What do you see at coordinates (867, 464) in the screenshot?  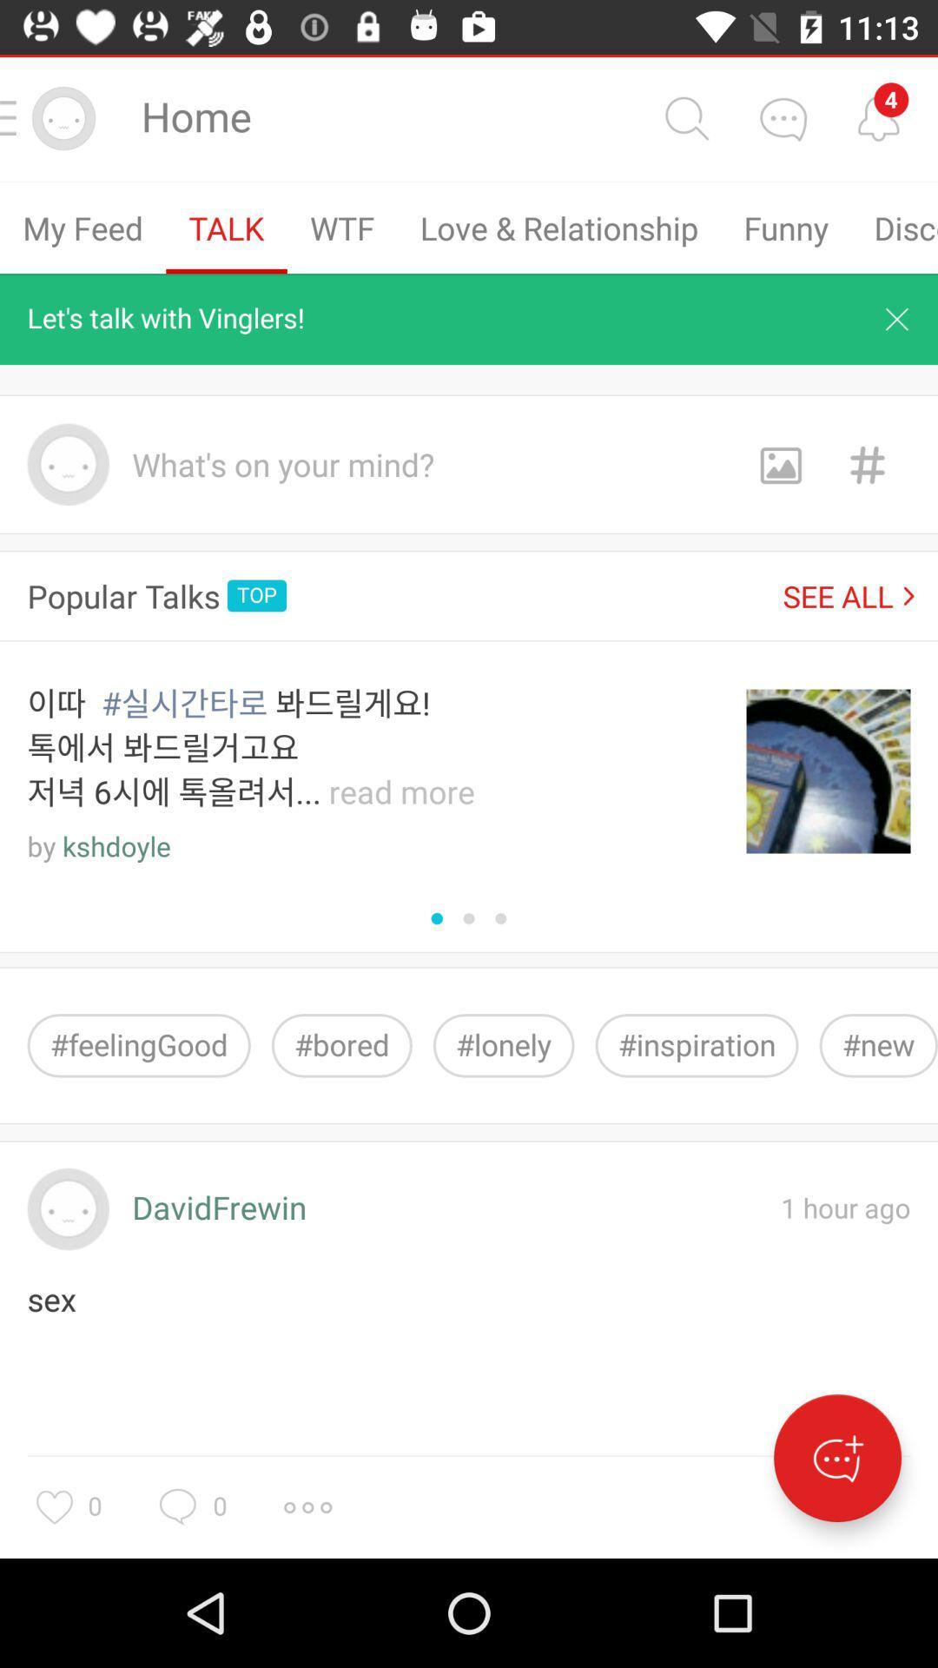 I see `hashtag` at bounding box center [867, 464].